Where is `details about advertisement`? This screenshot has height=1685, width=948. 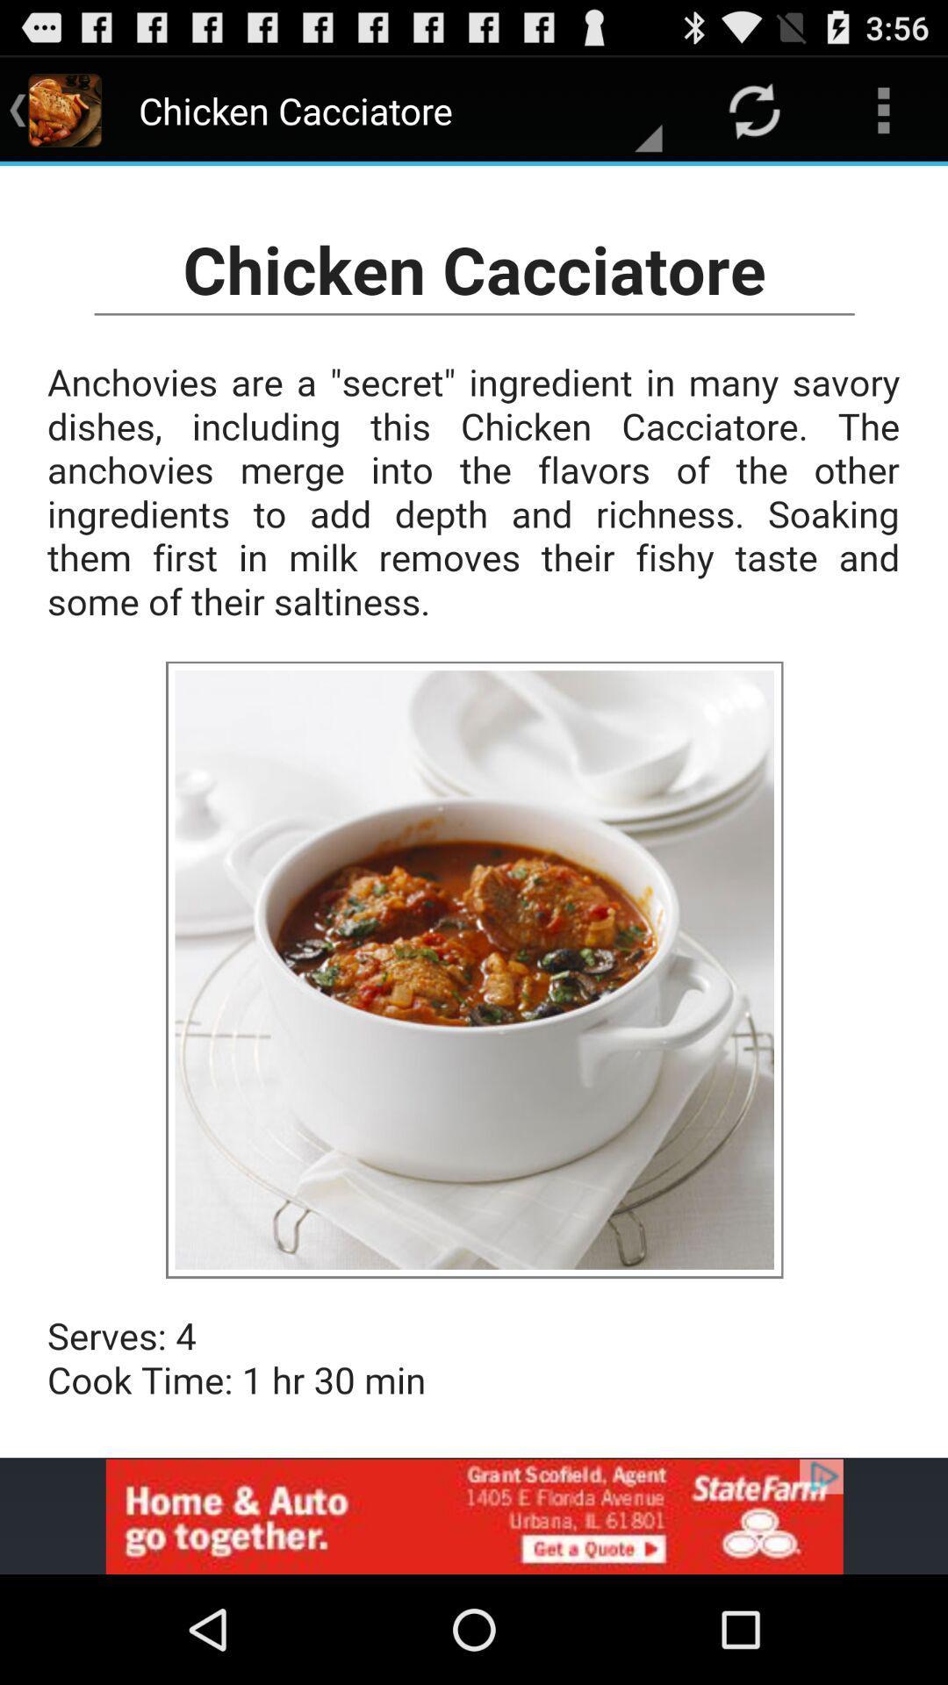
details about advertisement is located at coordinates (474, 1516).